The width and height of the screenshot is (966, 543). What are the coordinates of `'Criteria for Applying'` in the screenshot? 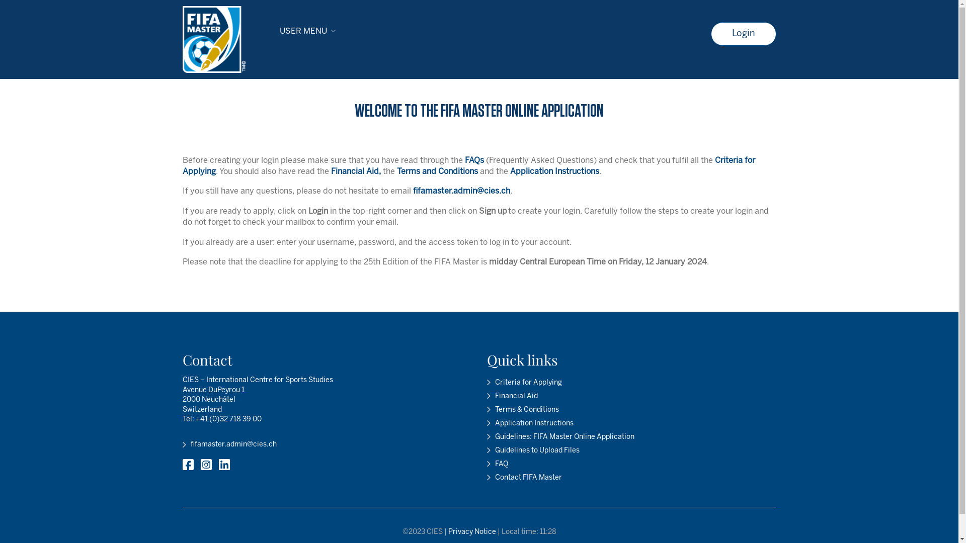 It's located at (524, 384).